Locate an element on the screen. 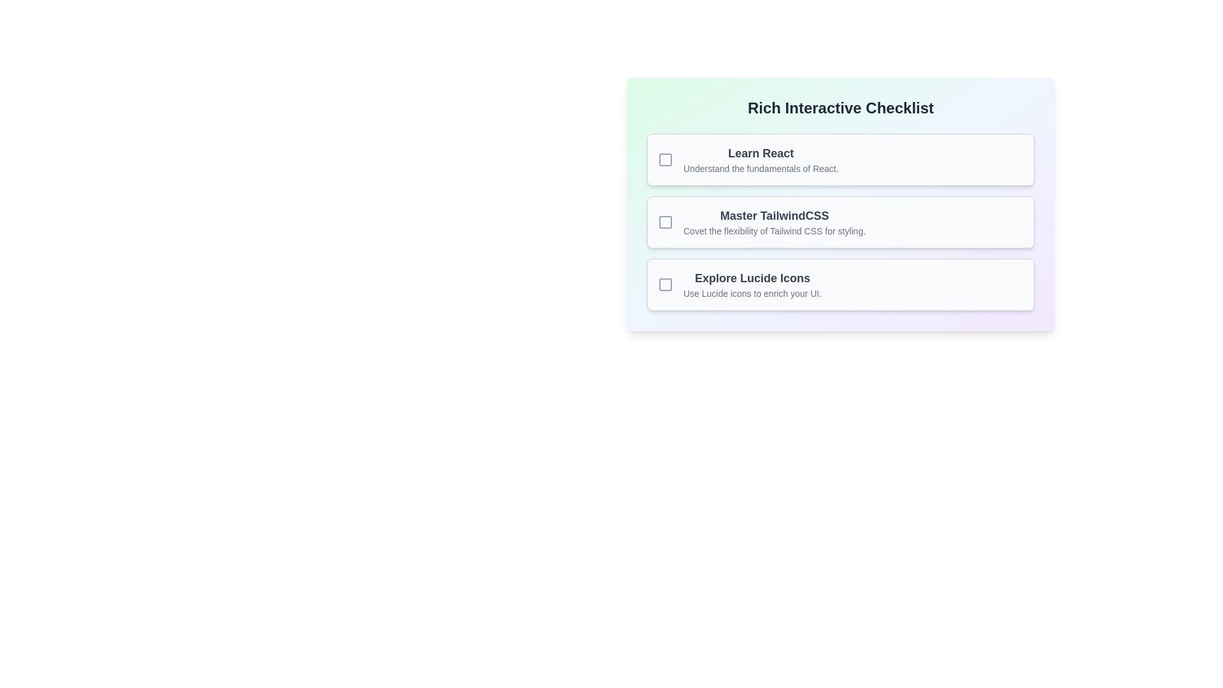  the checkbox indicator for the 'Learn React' task is located at coordinates (665, 159).